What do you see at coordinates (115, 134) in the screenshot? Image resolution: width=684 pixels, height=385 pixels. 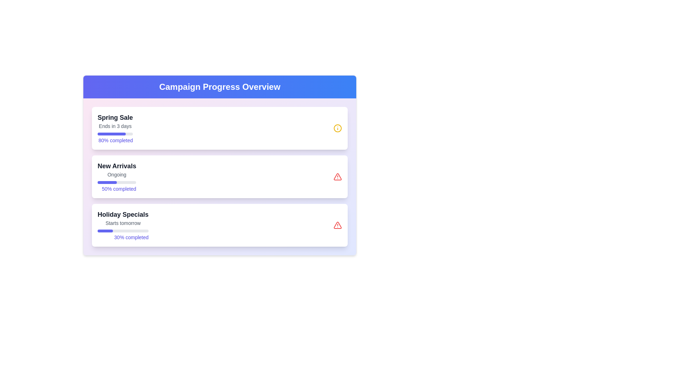 I see `the progress bar located in the first card of the Campaign Progress Overview section, which is styled with a gray background and a blue completion segment, positioned between the text 'Ends in 3 days' and '80% completed'` at bounding box center [115, 134].